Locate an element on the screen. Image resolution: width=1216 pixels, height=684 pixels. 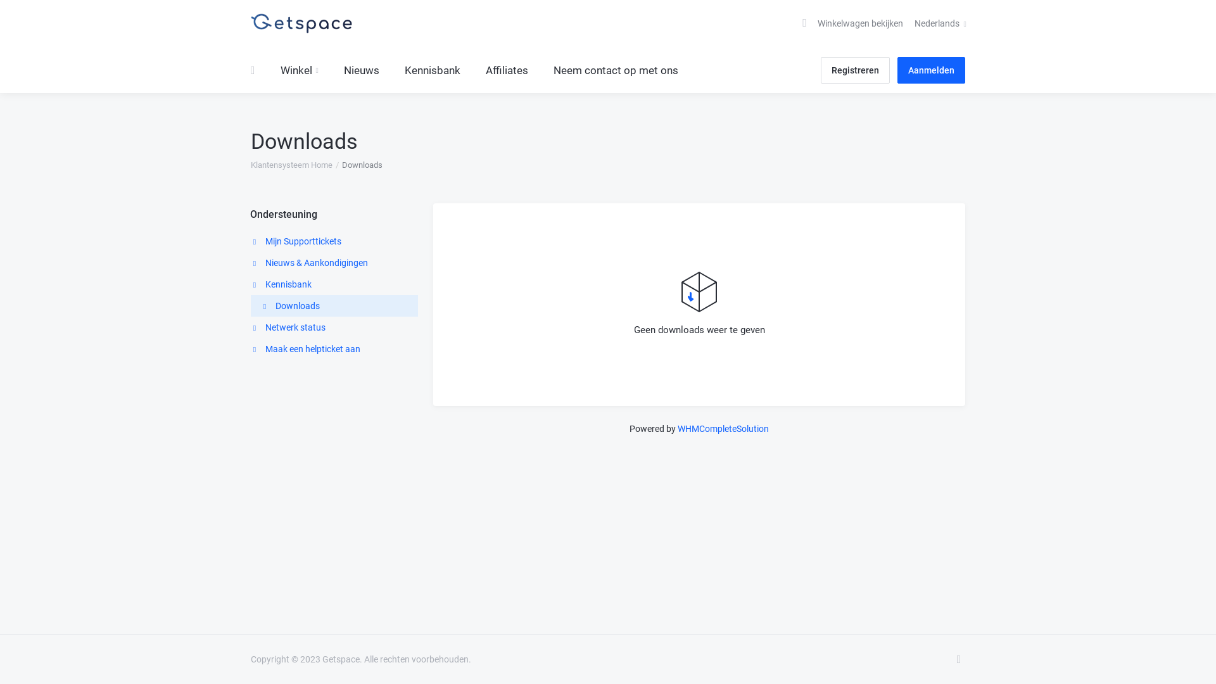
'WHMCompleteSolution' is located at coordinates (723, 428).